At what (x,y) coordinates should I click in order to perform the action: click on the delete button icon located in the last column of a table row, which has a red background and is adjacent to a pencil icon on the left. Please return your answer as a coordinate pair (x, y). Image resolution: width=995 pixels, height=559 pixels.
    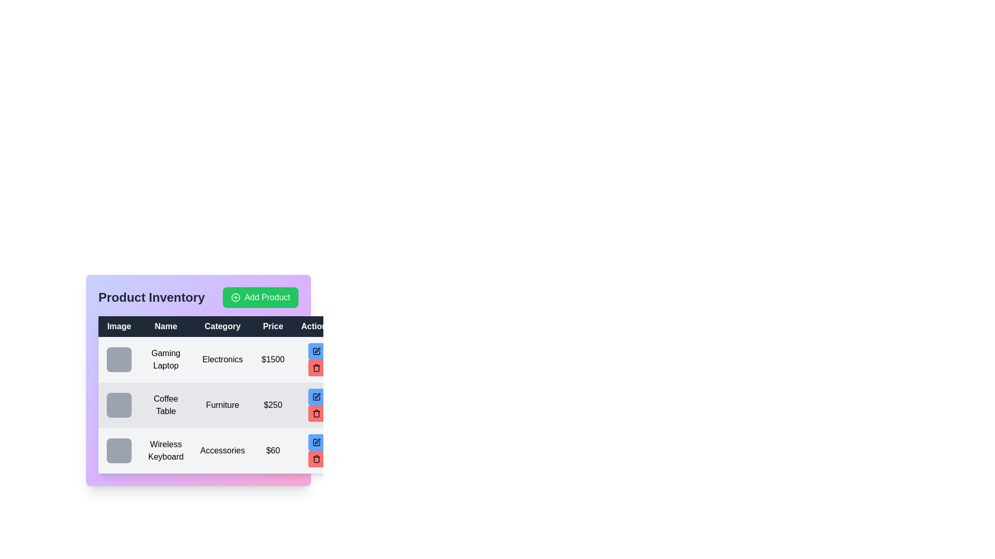
    Looking at the image, I should click on (316, 413).